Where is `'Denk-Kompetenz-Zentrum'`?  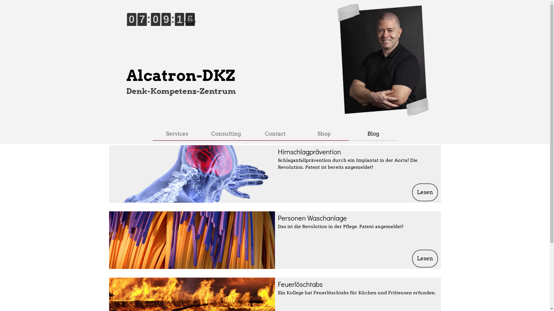 'Denk-Kompetenz-Zentrum' is located at coordinates (181, 91).